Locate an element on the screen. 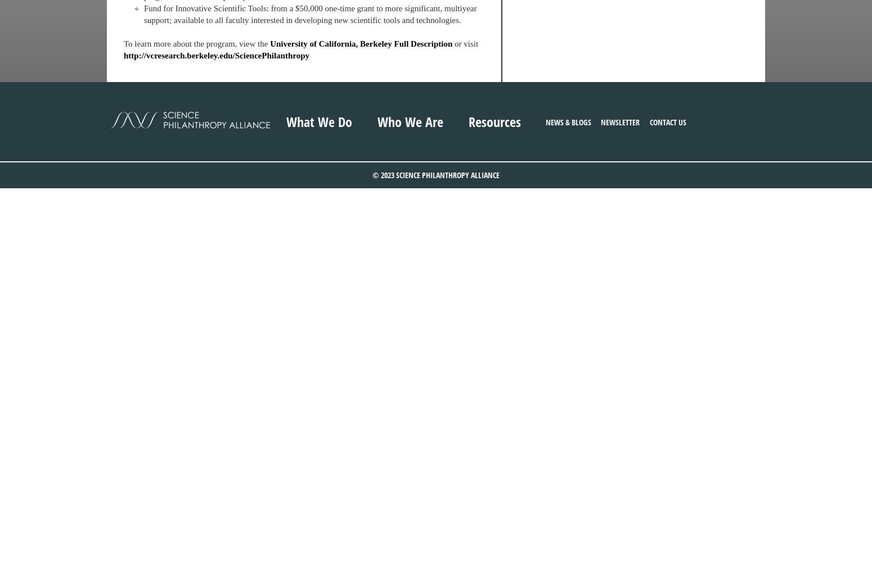 This screenshot has width=872, height=562. 'or visit' is located at coordinates (464, 43).